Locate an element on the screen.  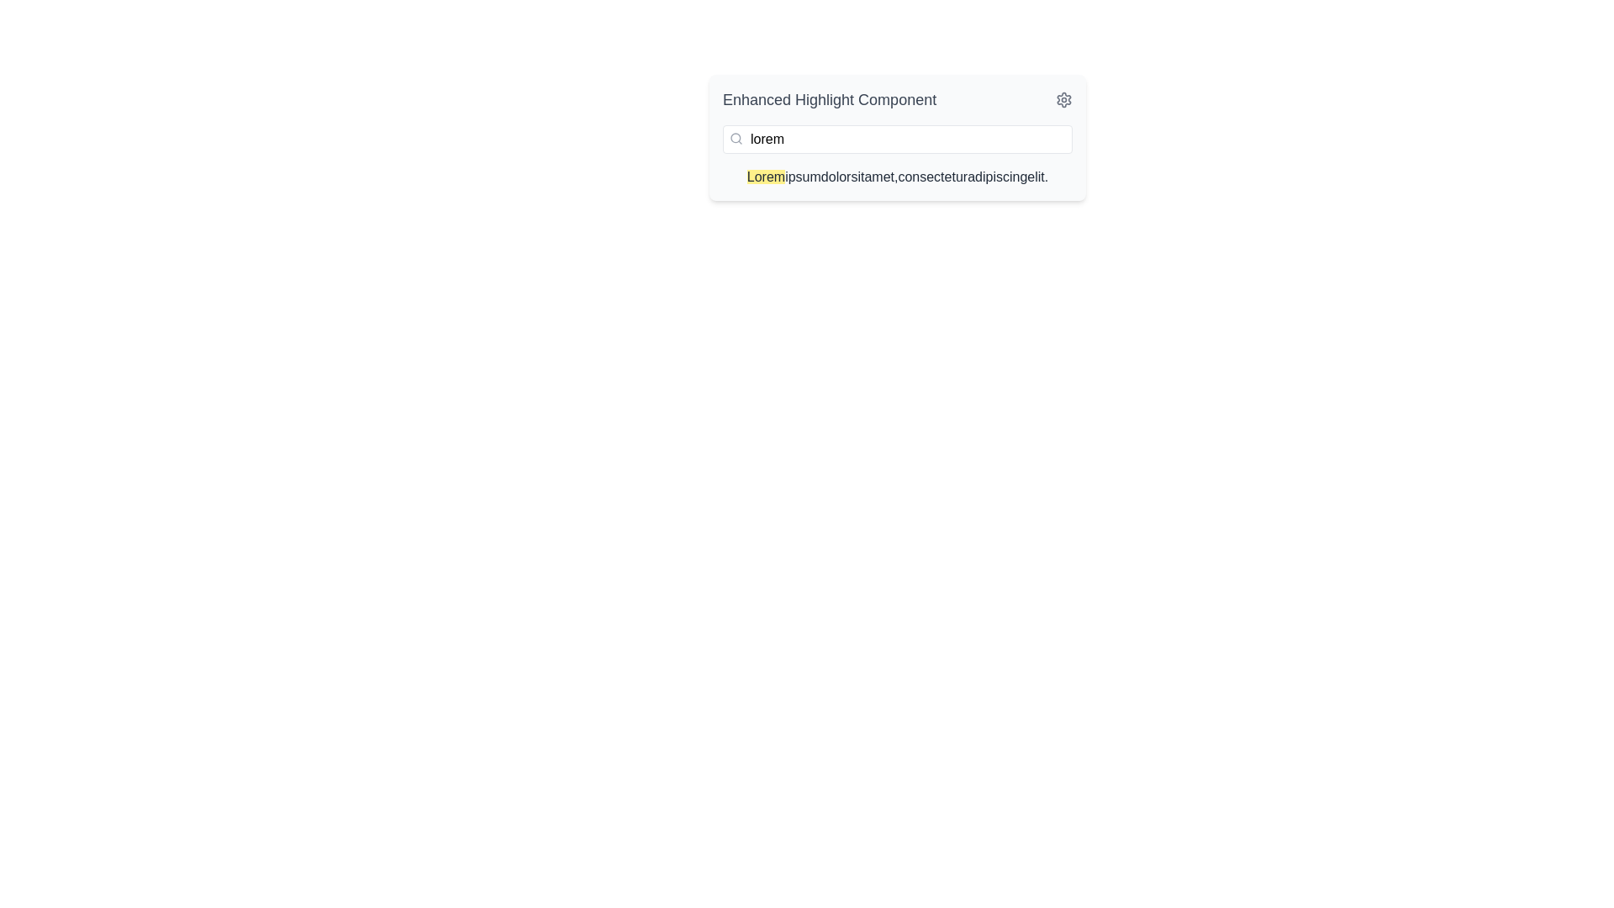
the gear icon button in the top-right corner of the 'Enhanced Highlight Component' is located at coordinates (1063, 100).